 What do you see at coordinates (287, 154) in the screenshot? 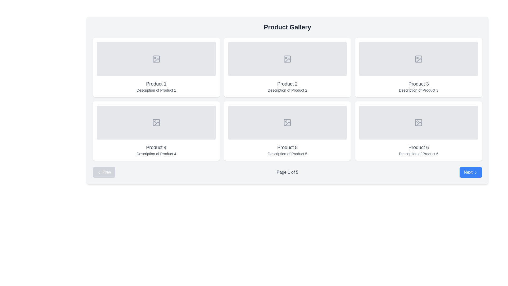
I see `the text label that displays 'Description of Product 5', which is styled with a gray font color and located beneath the title 'Product 5'` at bounding box center [287, 154].